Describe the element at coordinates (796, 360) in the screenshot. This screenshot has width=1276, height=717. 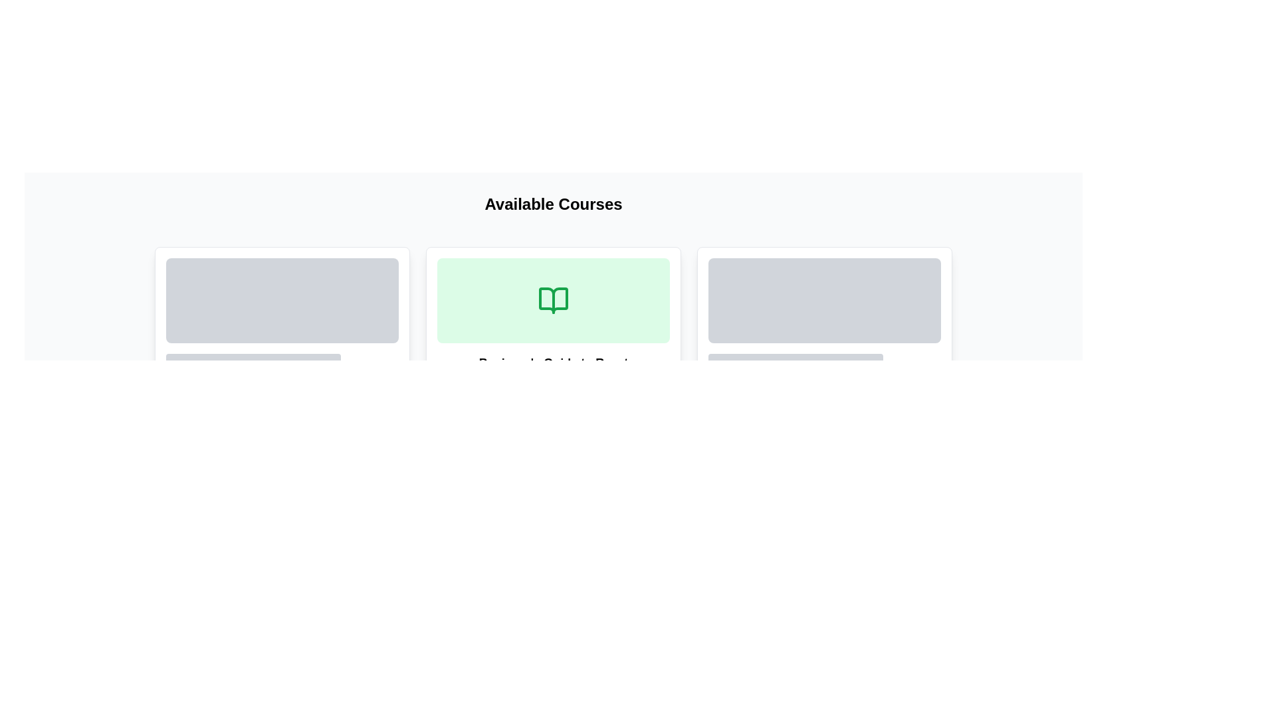
I see `the horizontal gray rectangular bar with rounded edges positioned below the larger gray rectangular component` at that location.